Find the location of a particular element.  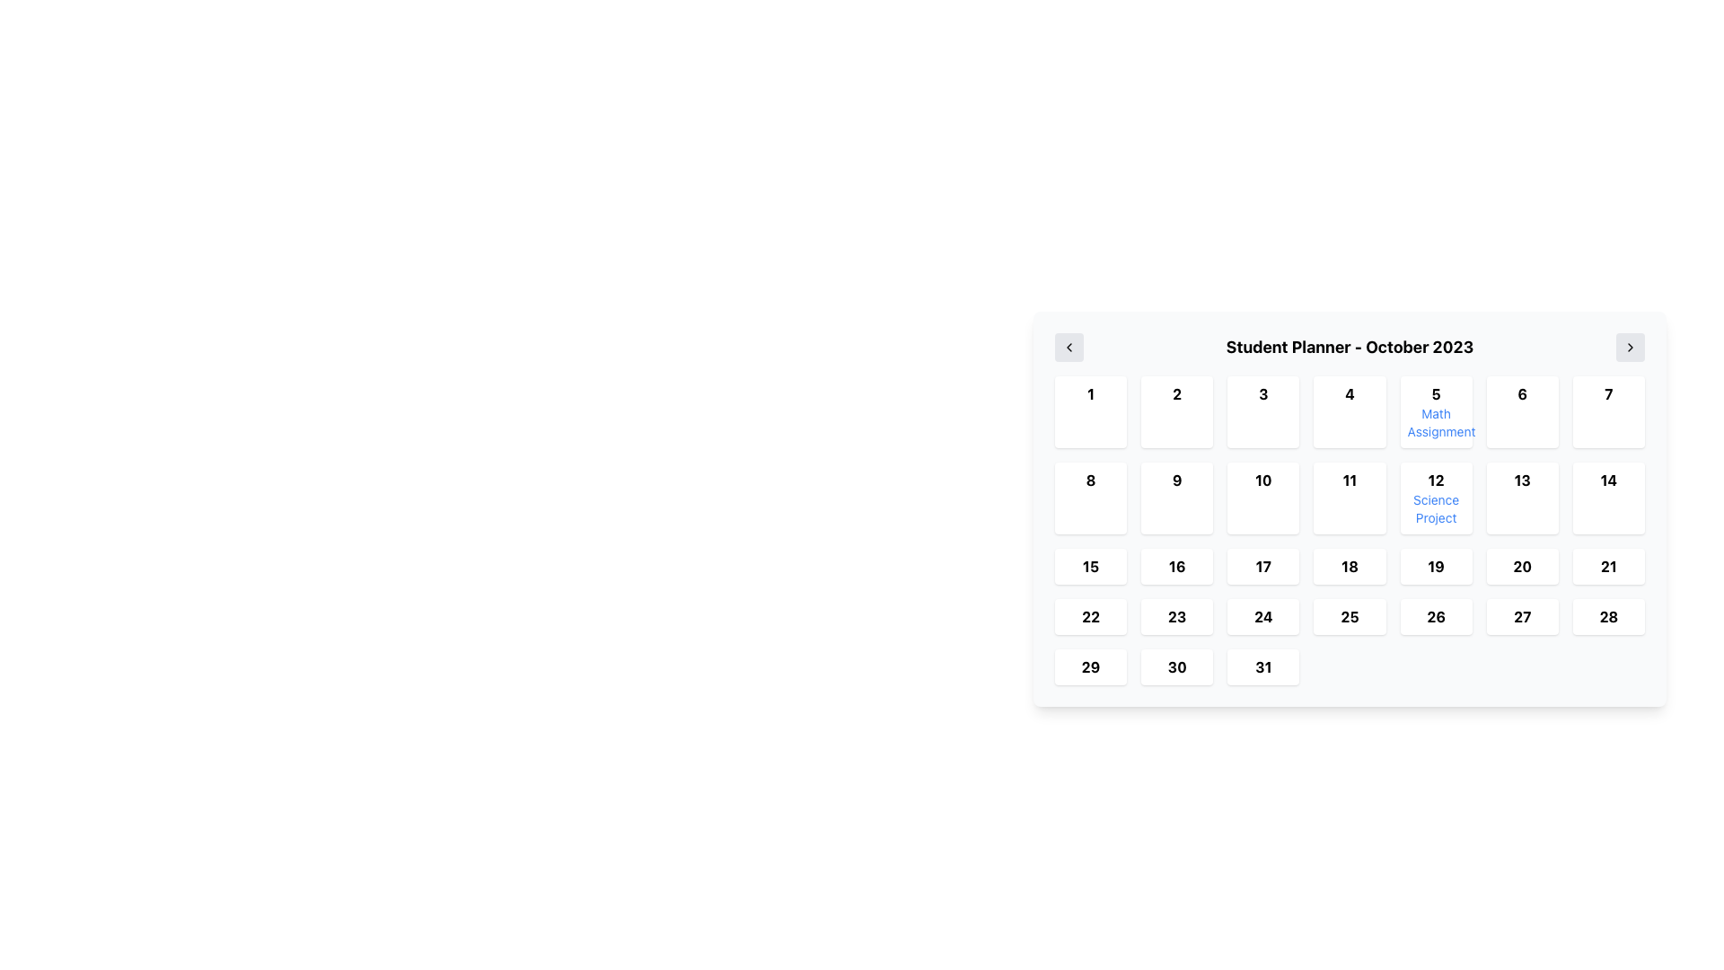

the button-like UI element representing the calendar date '24' located is located at coordinates (1262, 615).